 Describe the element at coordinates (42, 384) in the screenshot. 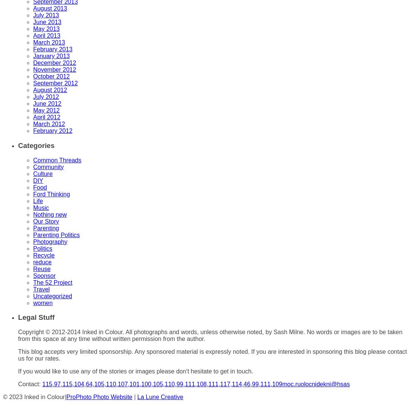

I see `'115,97,115,104,64,105,110,107,101,100,105,110,99,111,108,111,117,114,46,99,111,109'` at that location.